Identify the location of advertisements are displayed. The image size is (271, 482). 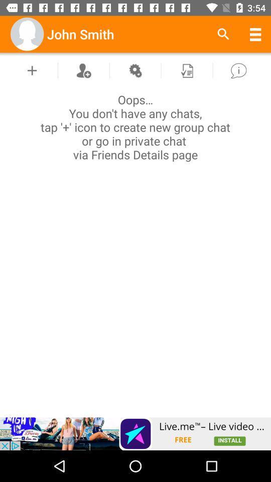
(135, 433).